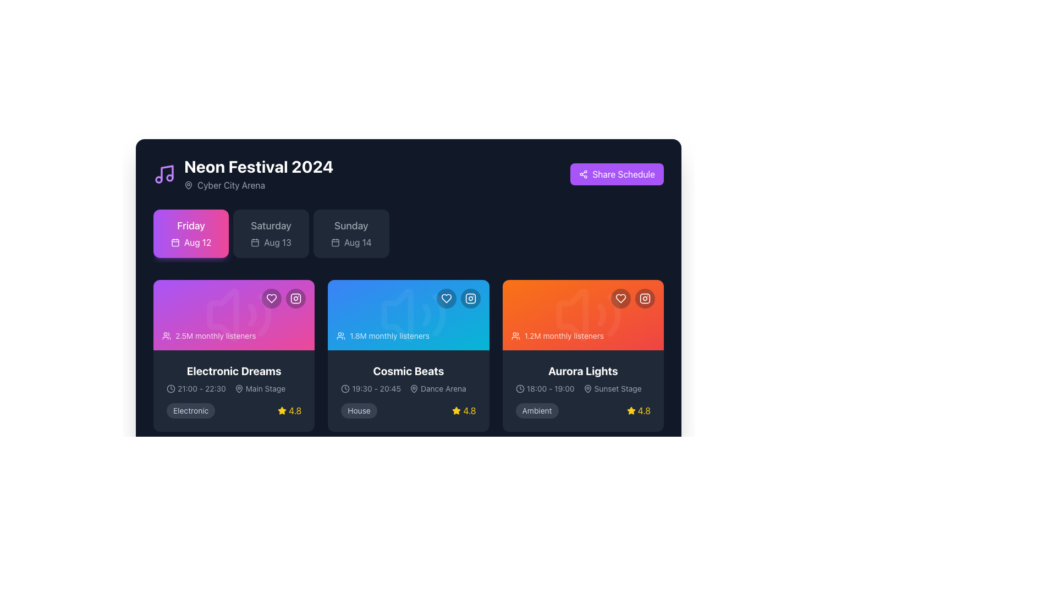  Describe the element at coordinates (582, 390) in the screenshot. I see `the 'Aurora Lights' event card, which is the rightmost card in a row of three, positioned under the date selector, featuring details such as timing, location, genre, and star rating` at that location.